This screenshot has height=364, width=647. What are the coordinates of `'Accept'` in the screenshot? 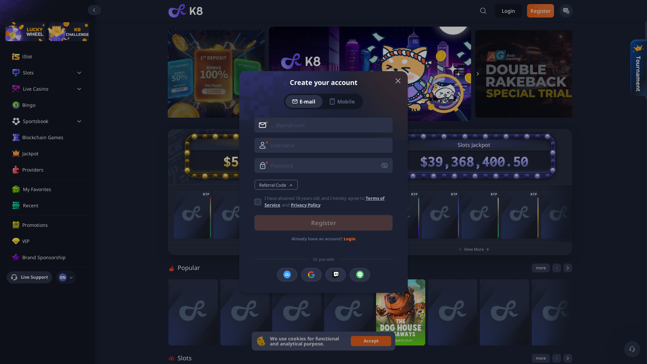 It's located at (370, 341).